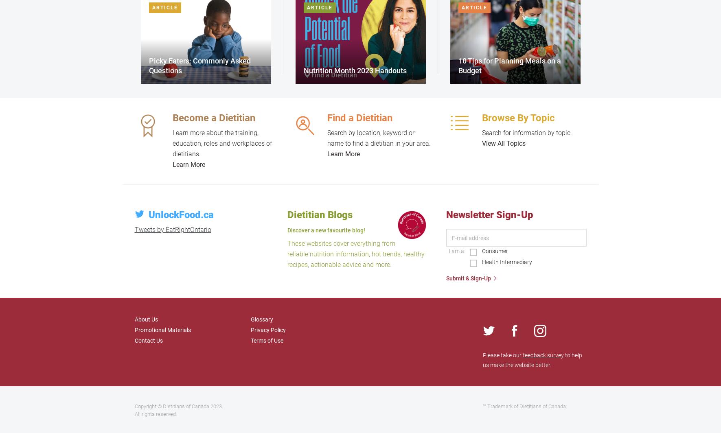  I want to click on 'Contact Us', so click(134, 340).